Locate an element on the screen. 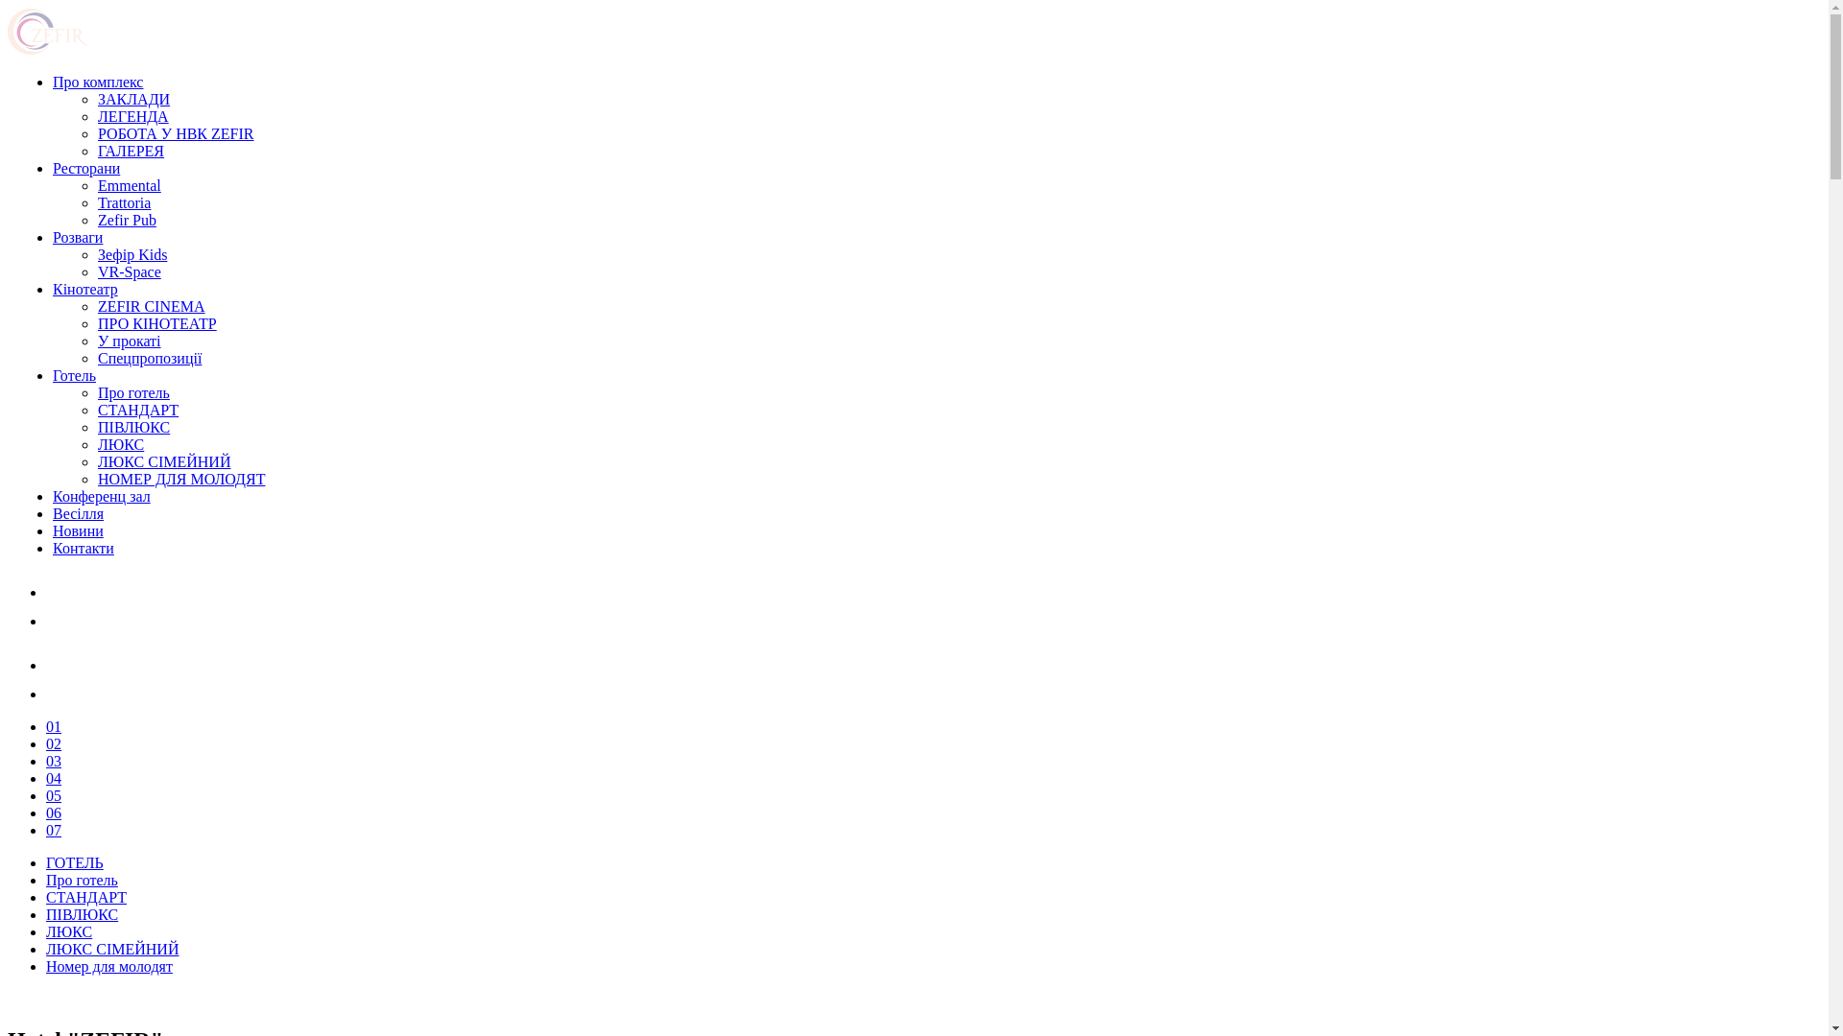  'VR-Space' is located at coordinates (128, 271).